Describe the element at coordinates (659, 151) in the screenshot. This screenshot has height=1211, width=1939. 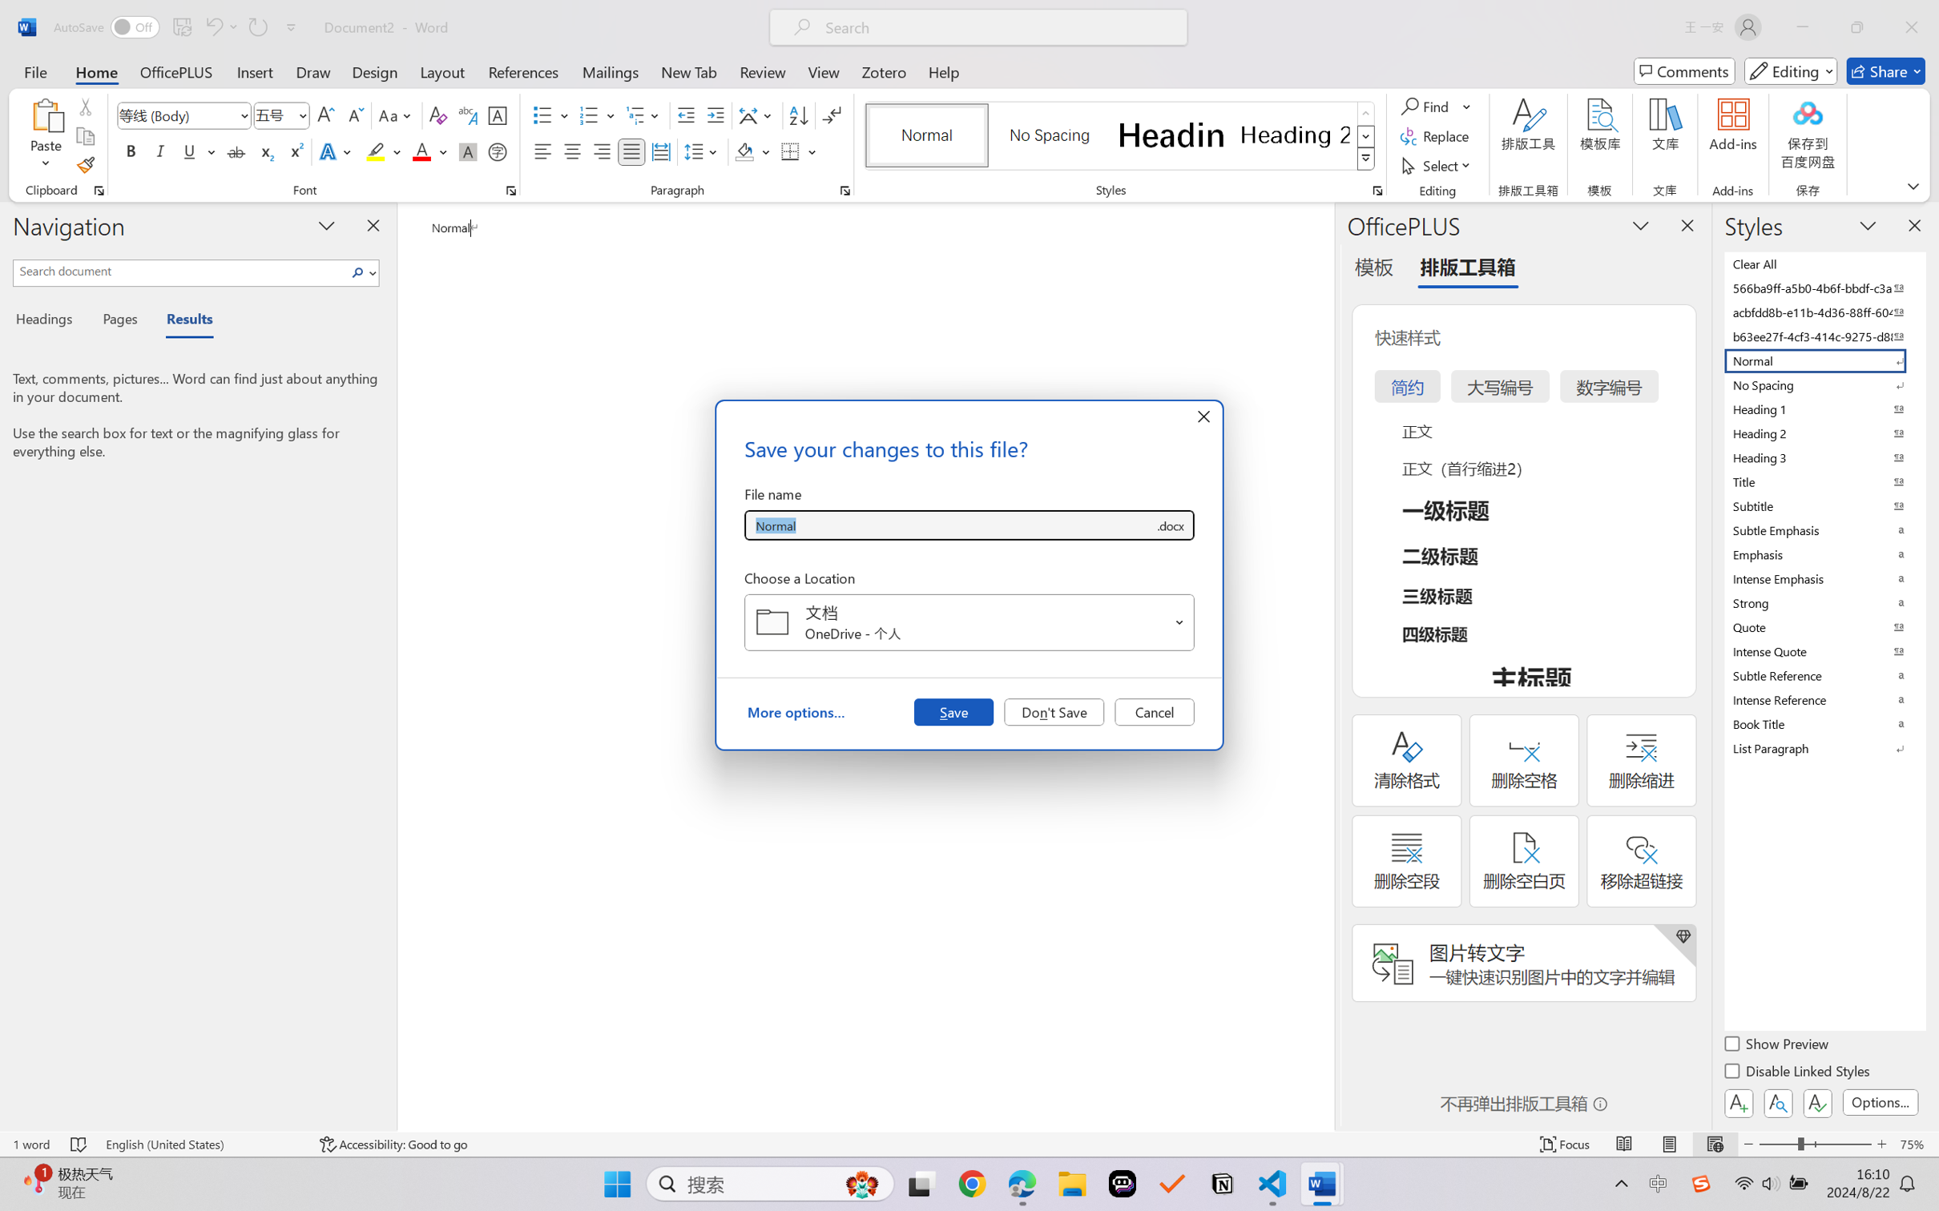
I see `'Distributed'` at that location.